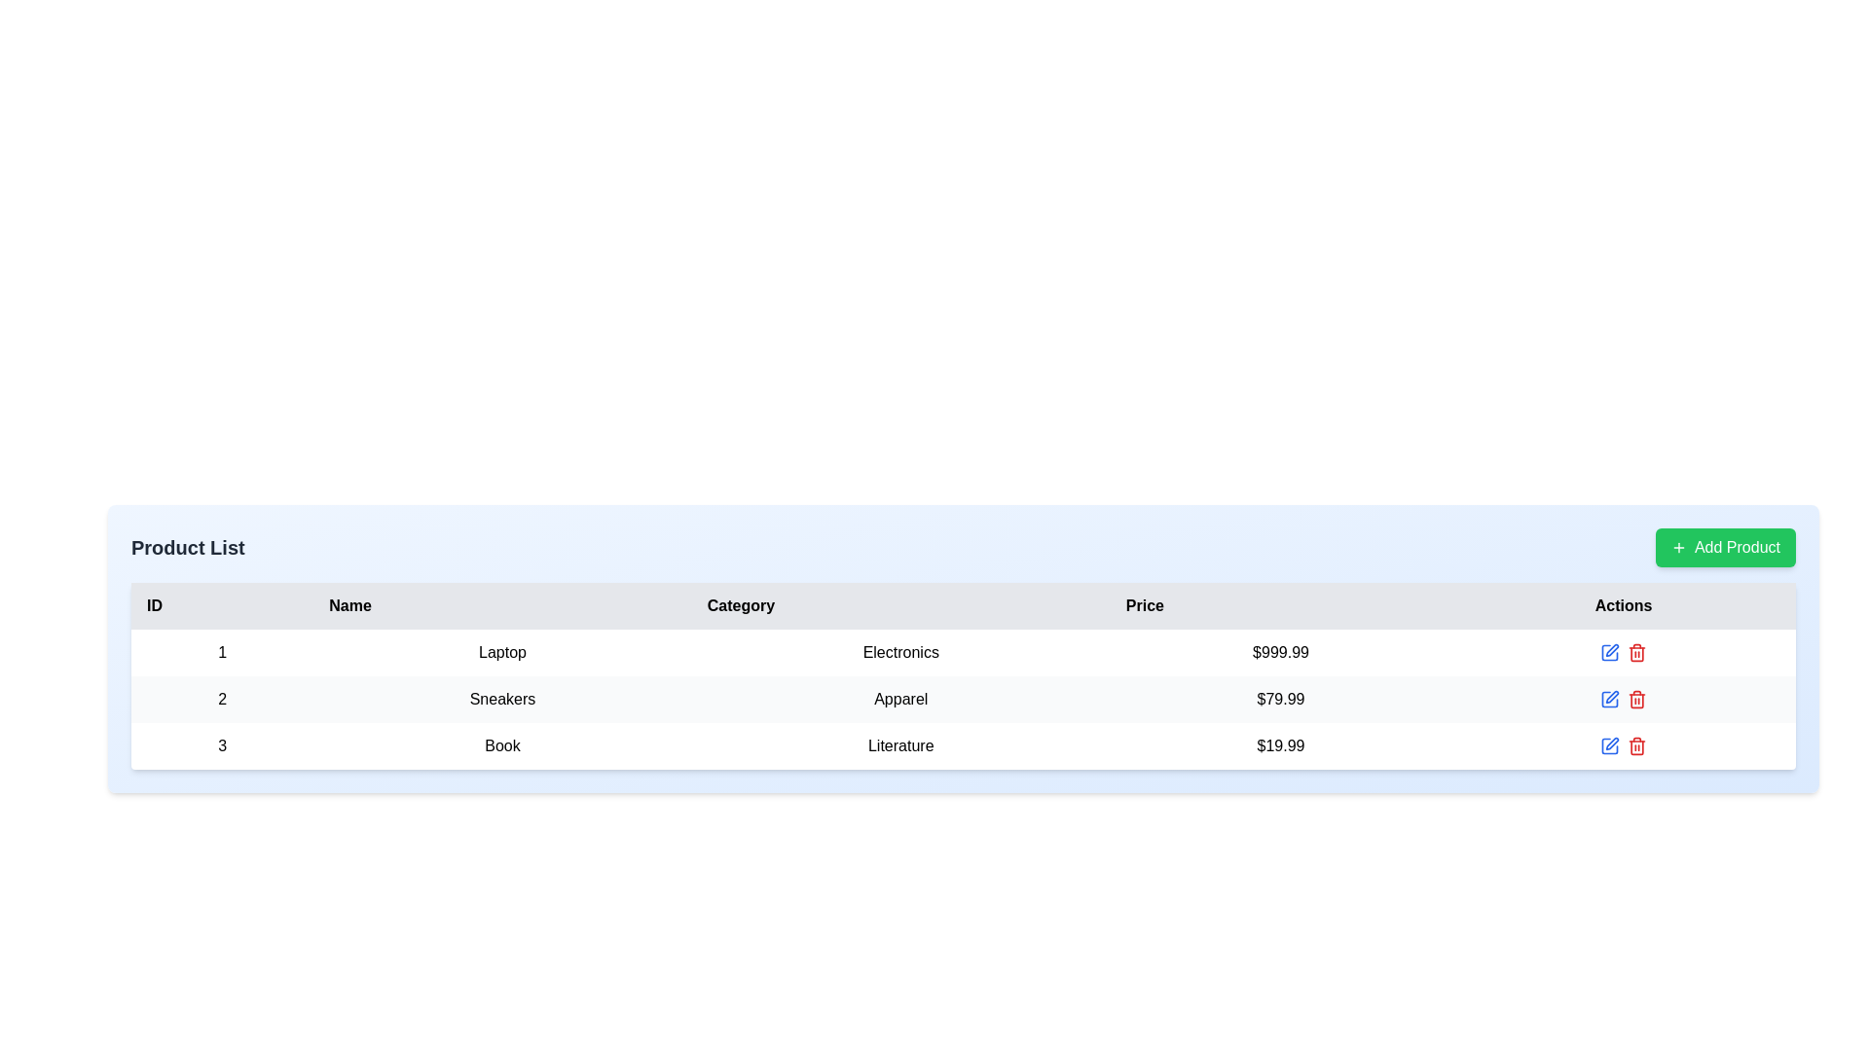  Describe the element at coordinates (1610, 653) in the screenshot. I see `the first blue editing icon in the 'Actions' column of the table for the product entry 'Laptop'` at that location.